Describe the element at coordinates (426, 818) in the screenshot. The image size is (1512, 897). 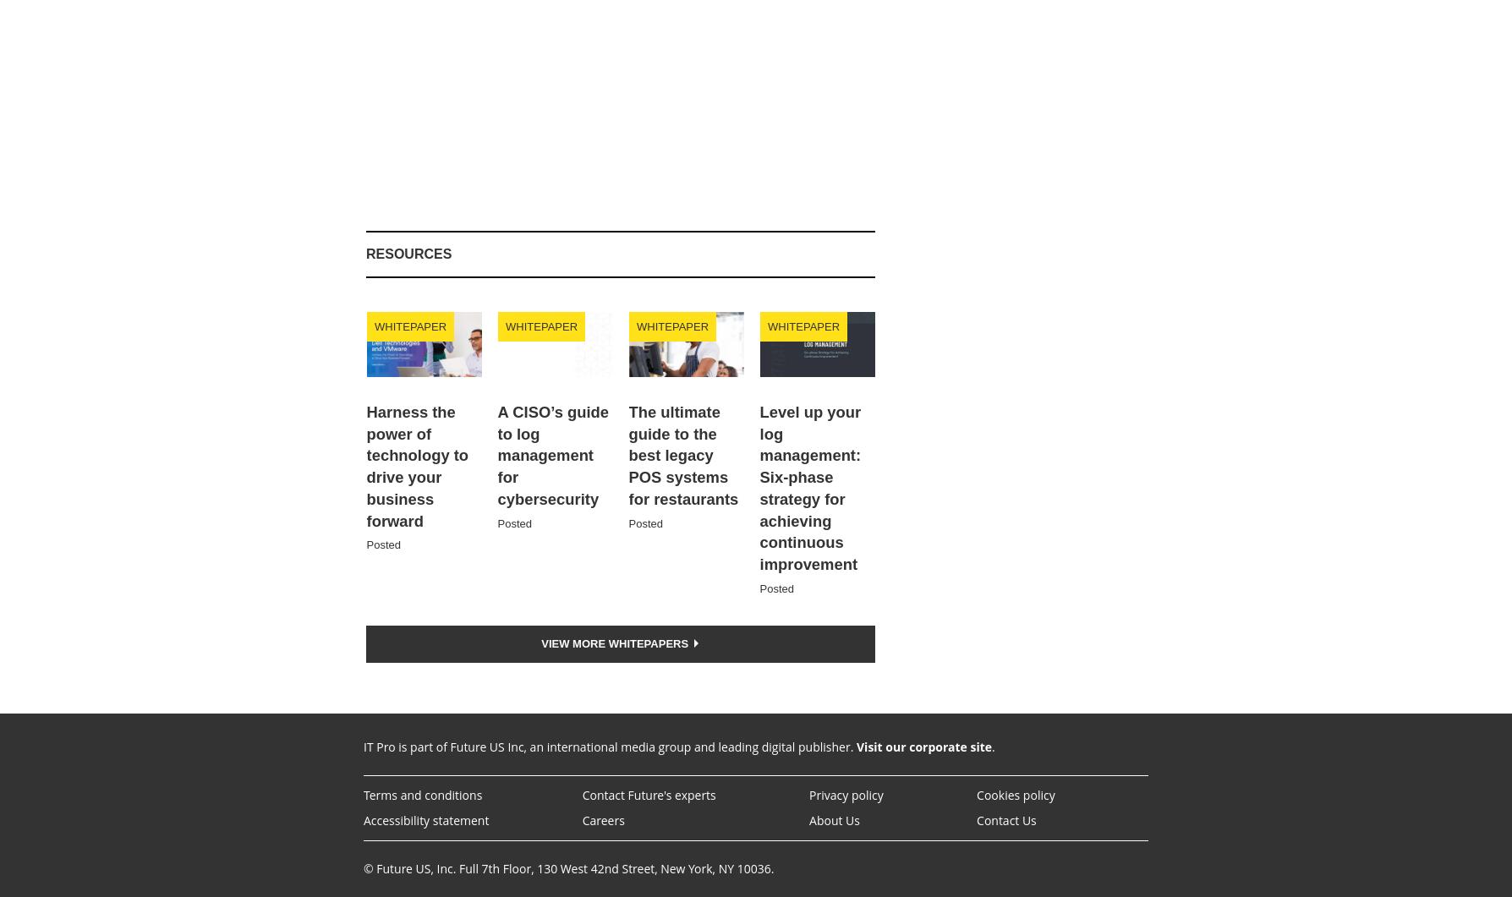
I see `'Accessibility statement'` at that location.